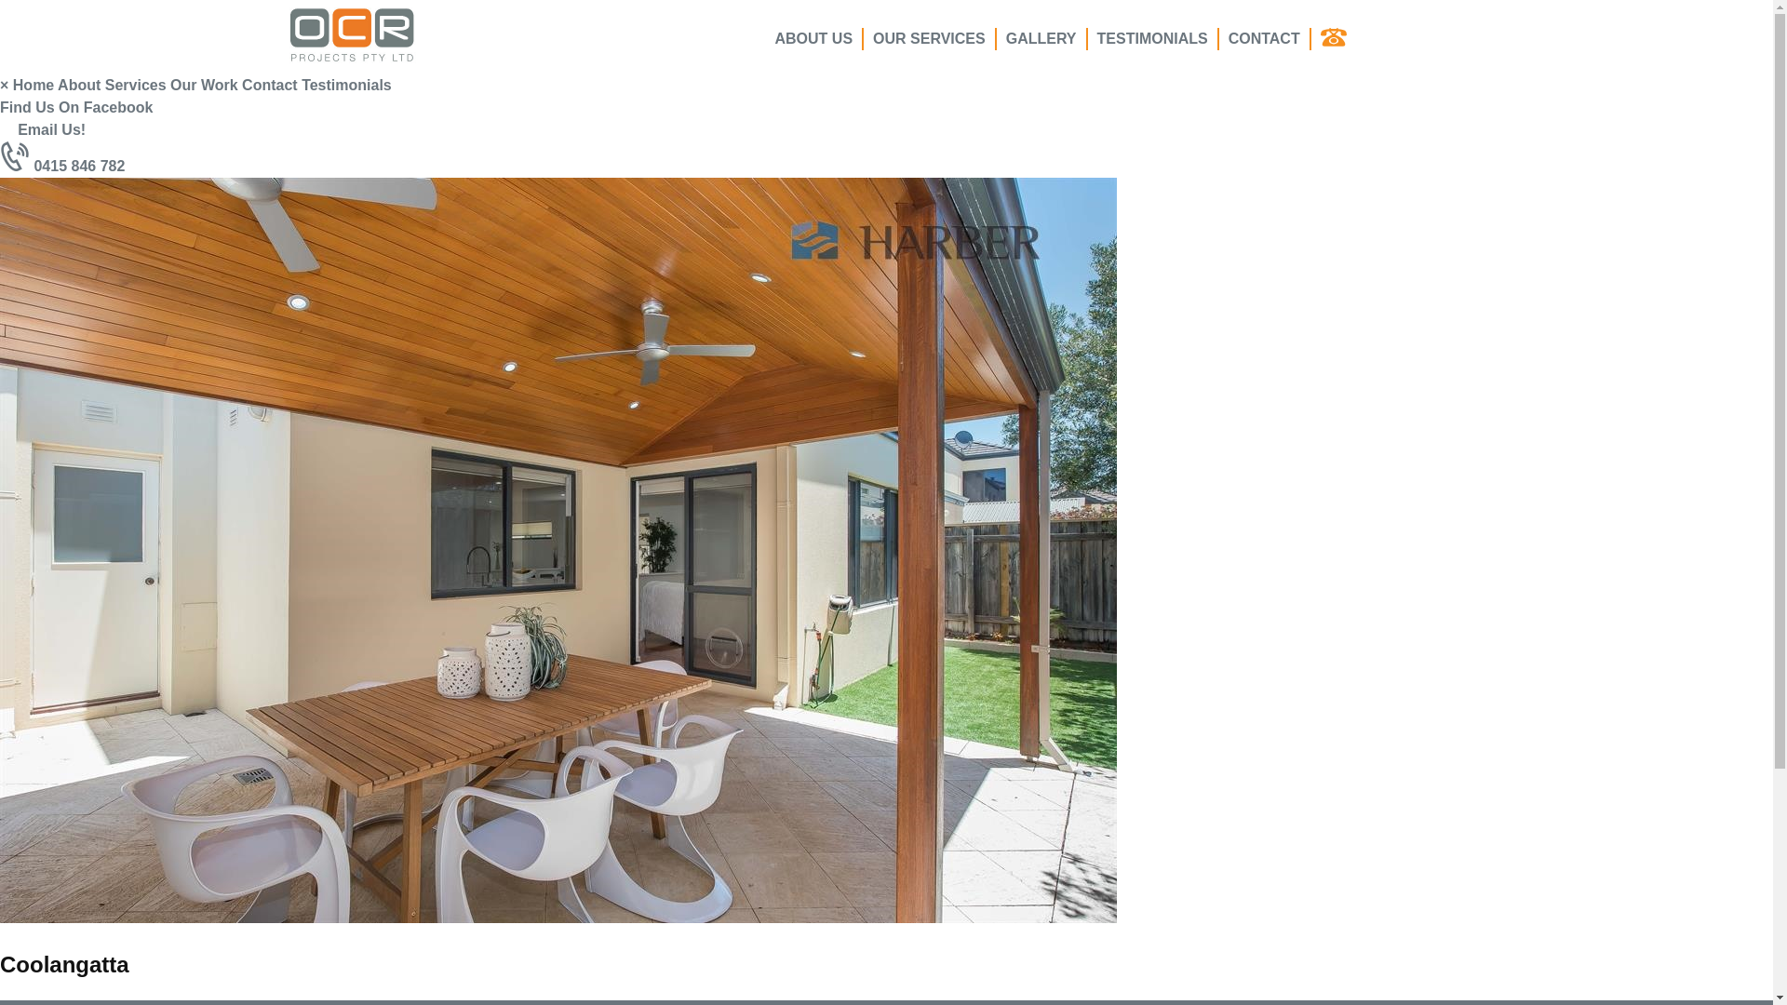  What do you see at coordinates (134, 85) in the screenshot?
I see `'Services'` at bounding box center [134, 85].